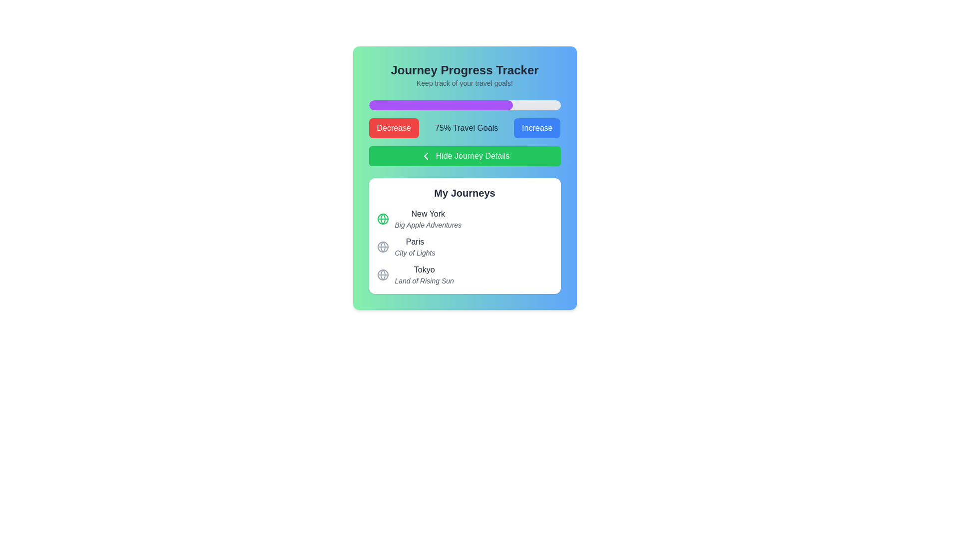 The image size is (959, 539). What do you see at coordinates (382, 247) in the screenshot?
I see `the globe icon representing the journey destination located in the 'My Journeys' section, adjacent to 'Paris' and 'City of Lights'` at bounding box center [382, 247].